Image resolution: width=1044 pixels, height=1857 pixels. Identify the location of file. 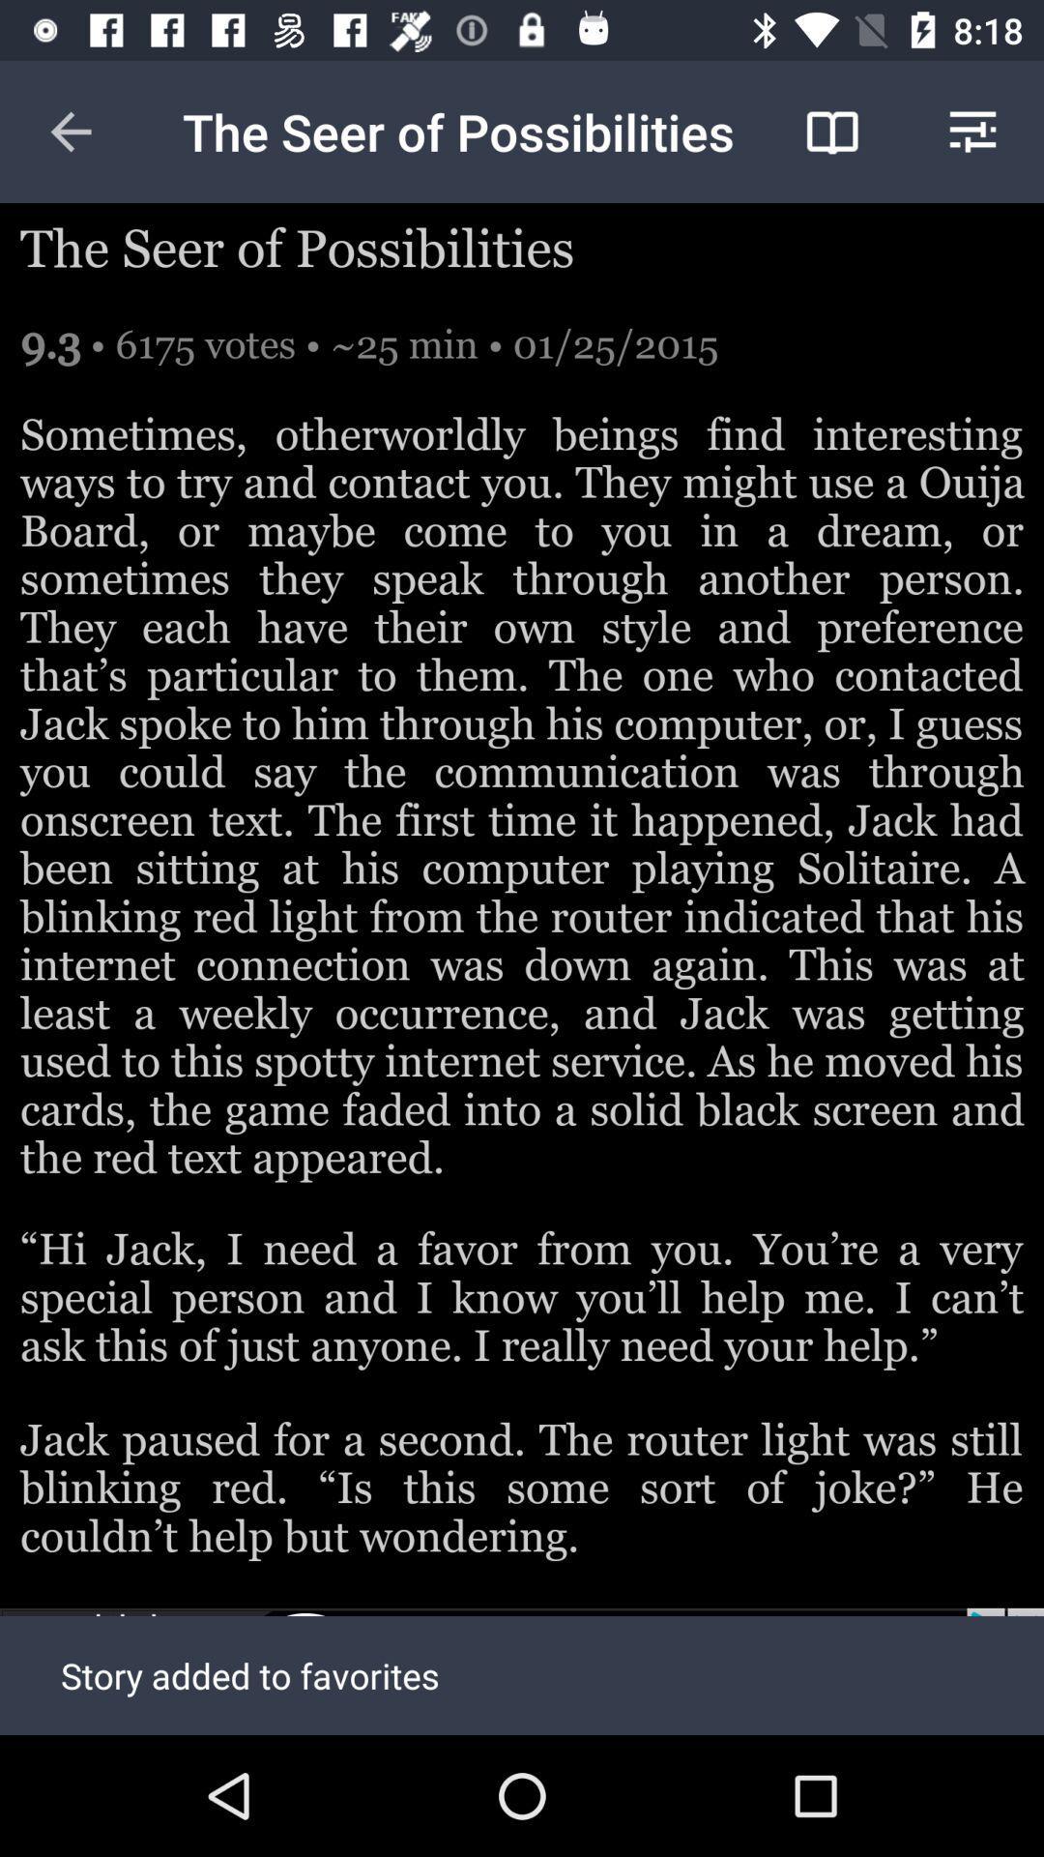
(522, 1670).